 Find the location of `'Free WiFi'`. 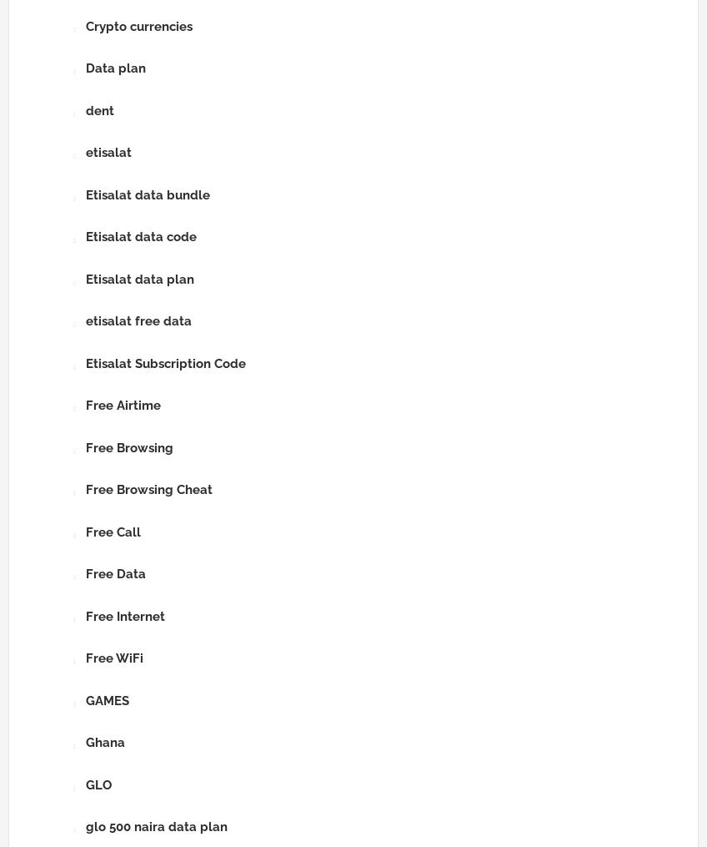

'Free WiFi' is located at coordinates (113, 657).